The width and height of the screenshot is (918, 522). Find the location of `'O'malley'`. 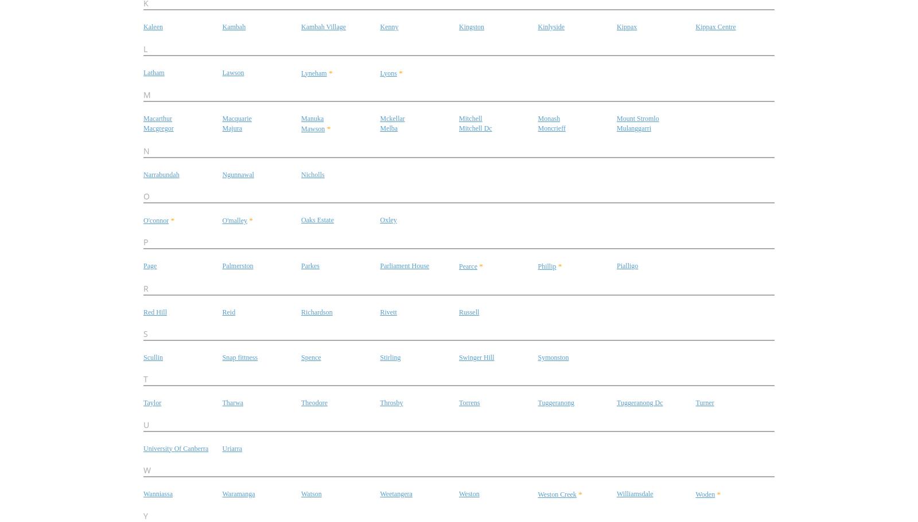

'O'malley' is located at coordinates (234, 219).